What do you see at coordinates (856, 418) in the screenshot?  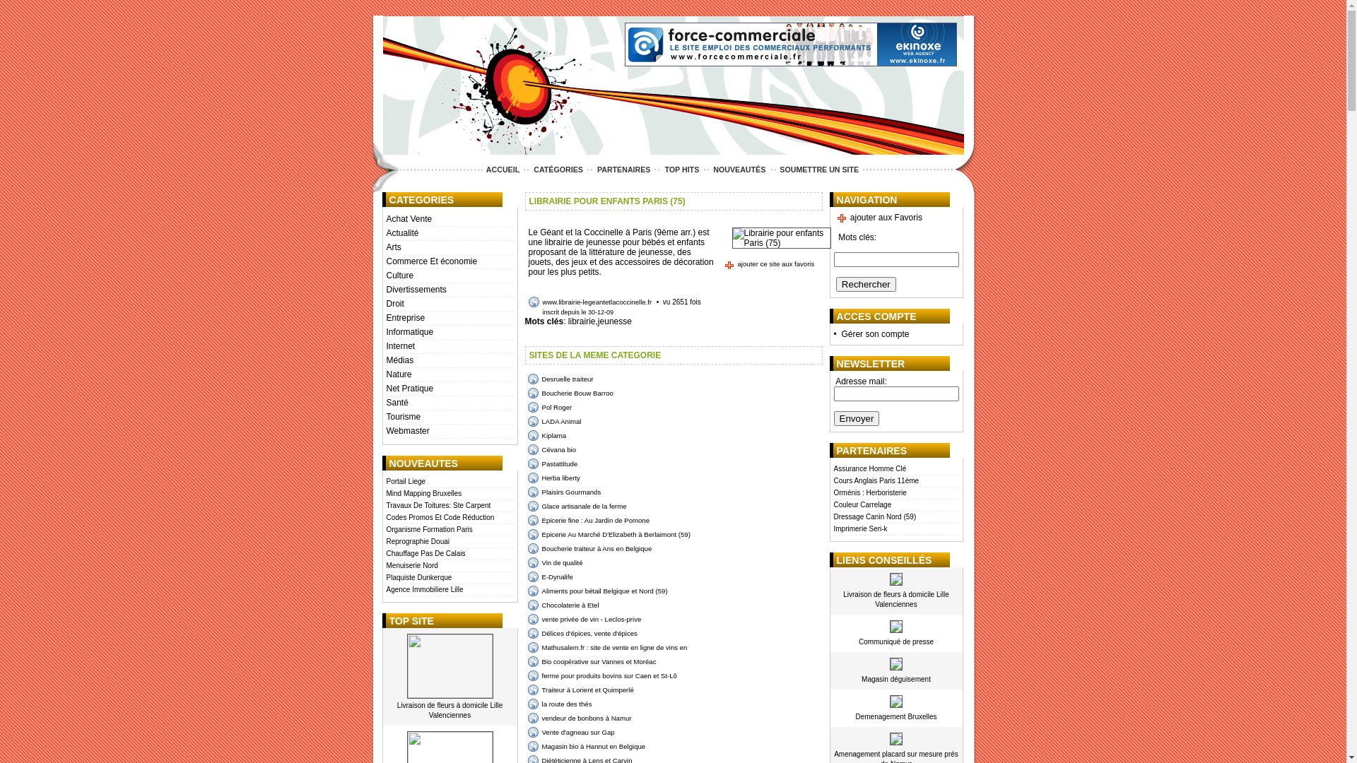 I see `'Envoyer'` at bounding box center [856, 418].